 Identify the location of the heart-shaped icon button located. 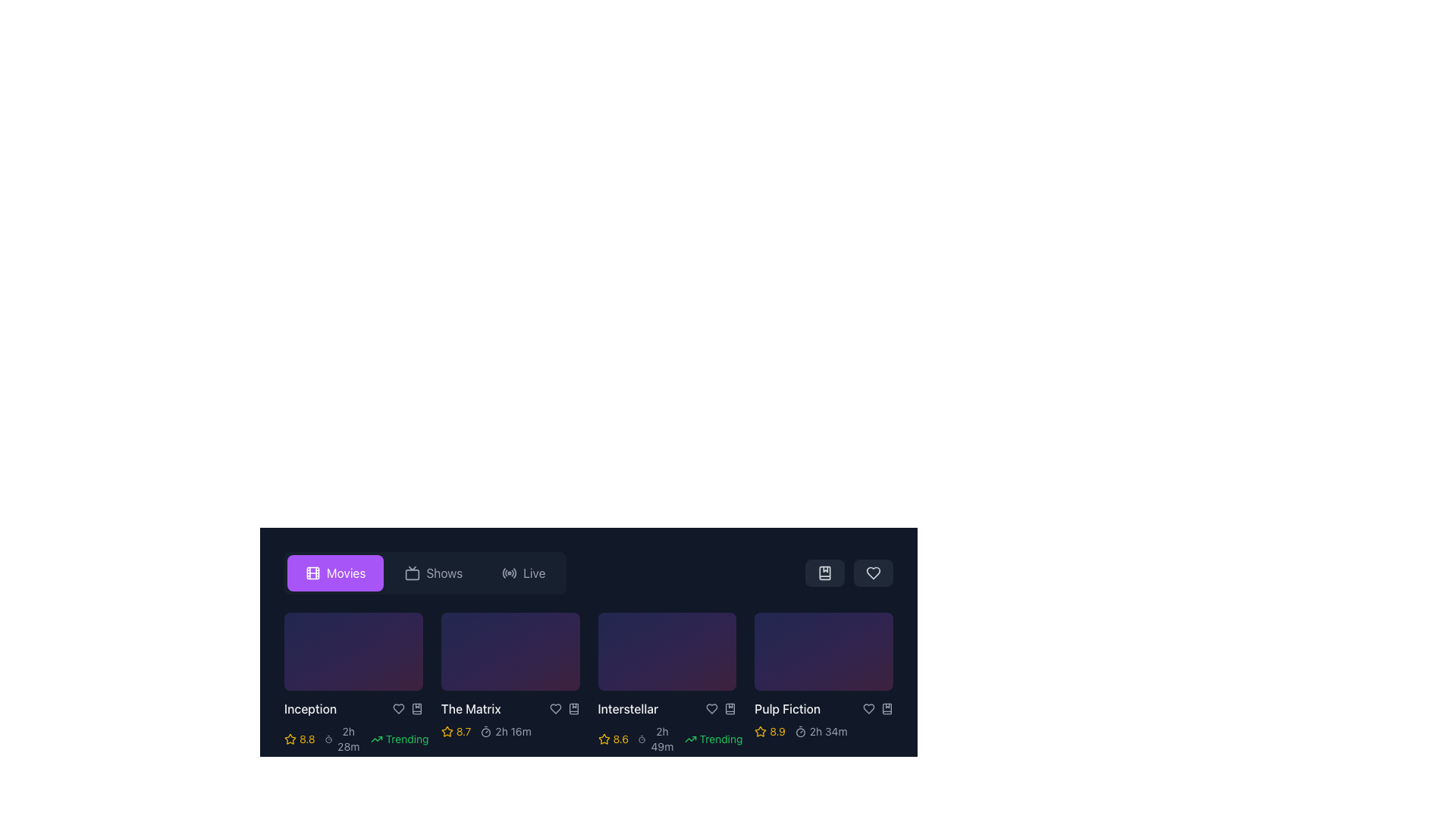
(874, 573).